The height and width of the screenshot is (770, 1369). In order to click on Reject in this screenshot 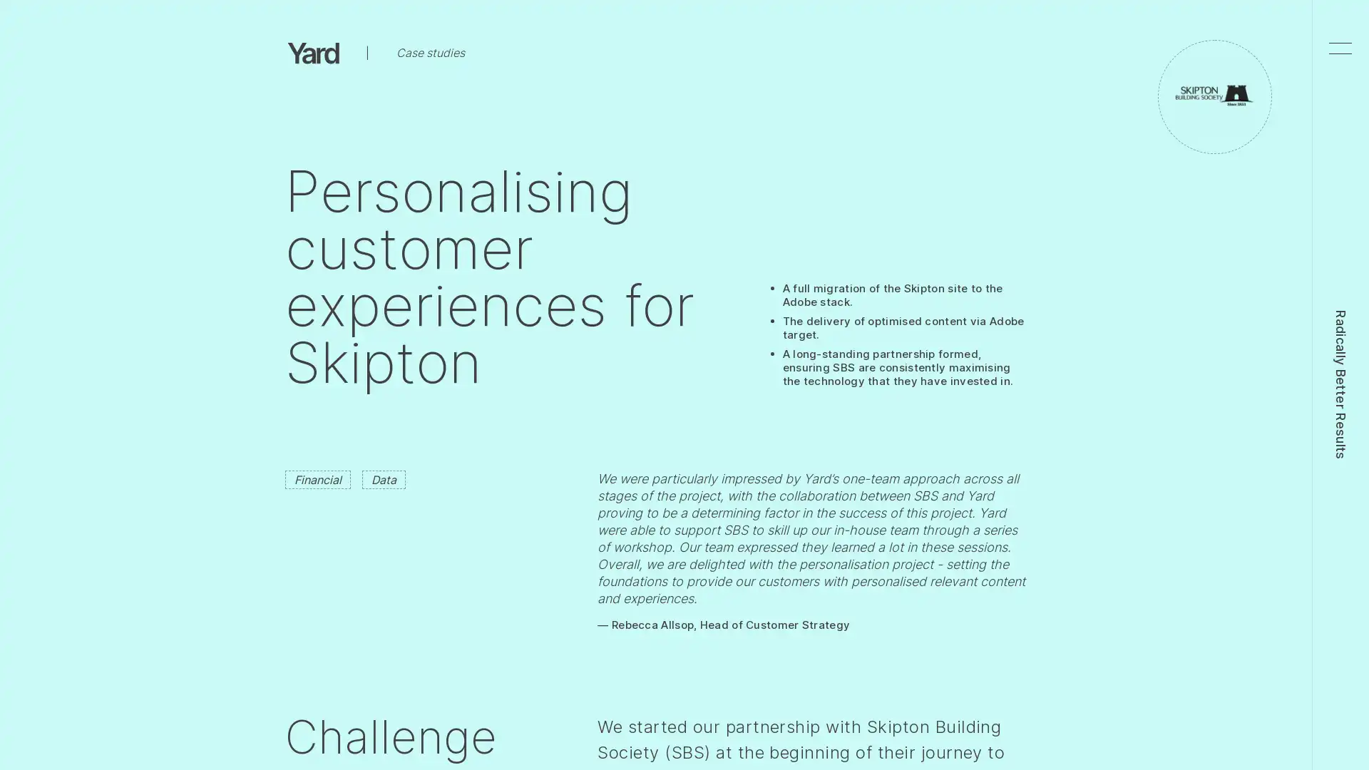, I will do `click(918, 33)`.